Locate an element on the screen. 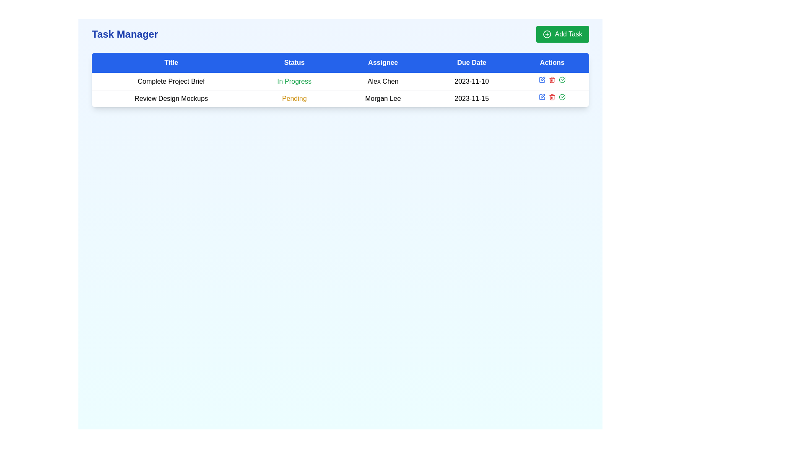  the Status label displaying 'In Progress' styled in green color, located in the second column of the first row of the task details table is located at coordinates (294, 82).